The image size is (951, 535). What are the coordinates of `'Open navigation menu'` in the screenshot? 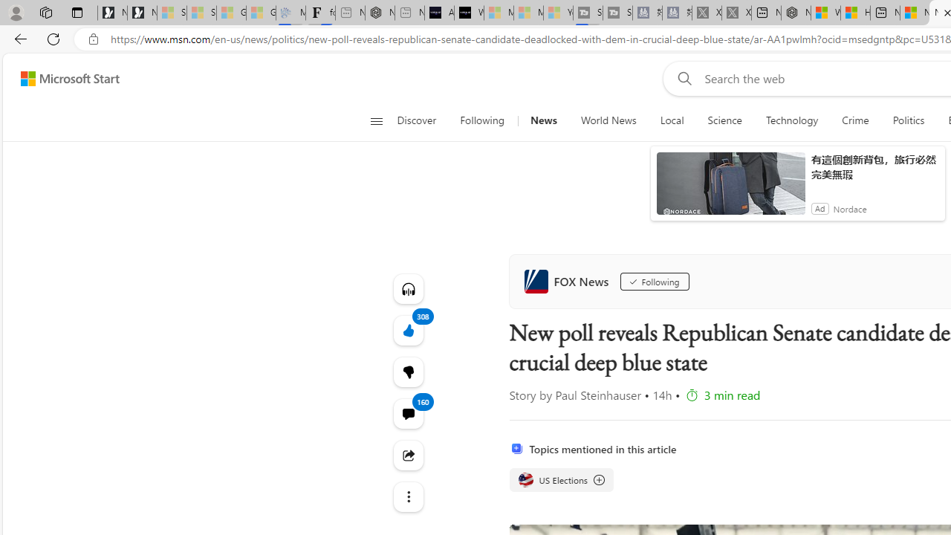 It's located at (376, 120).